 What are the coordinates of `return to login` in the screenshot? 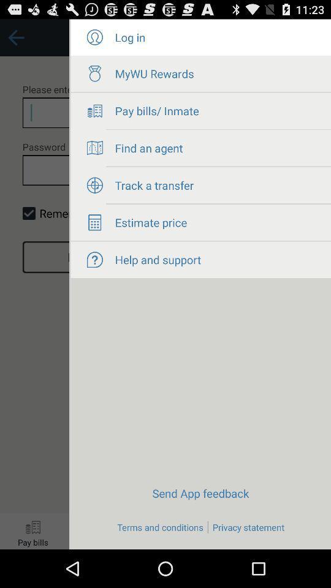 It's located at (34, 284).